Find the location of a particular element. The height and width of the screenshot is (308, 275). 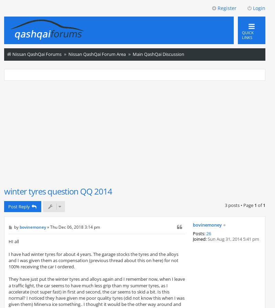

'of' is located at coordinates (260, 205).